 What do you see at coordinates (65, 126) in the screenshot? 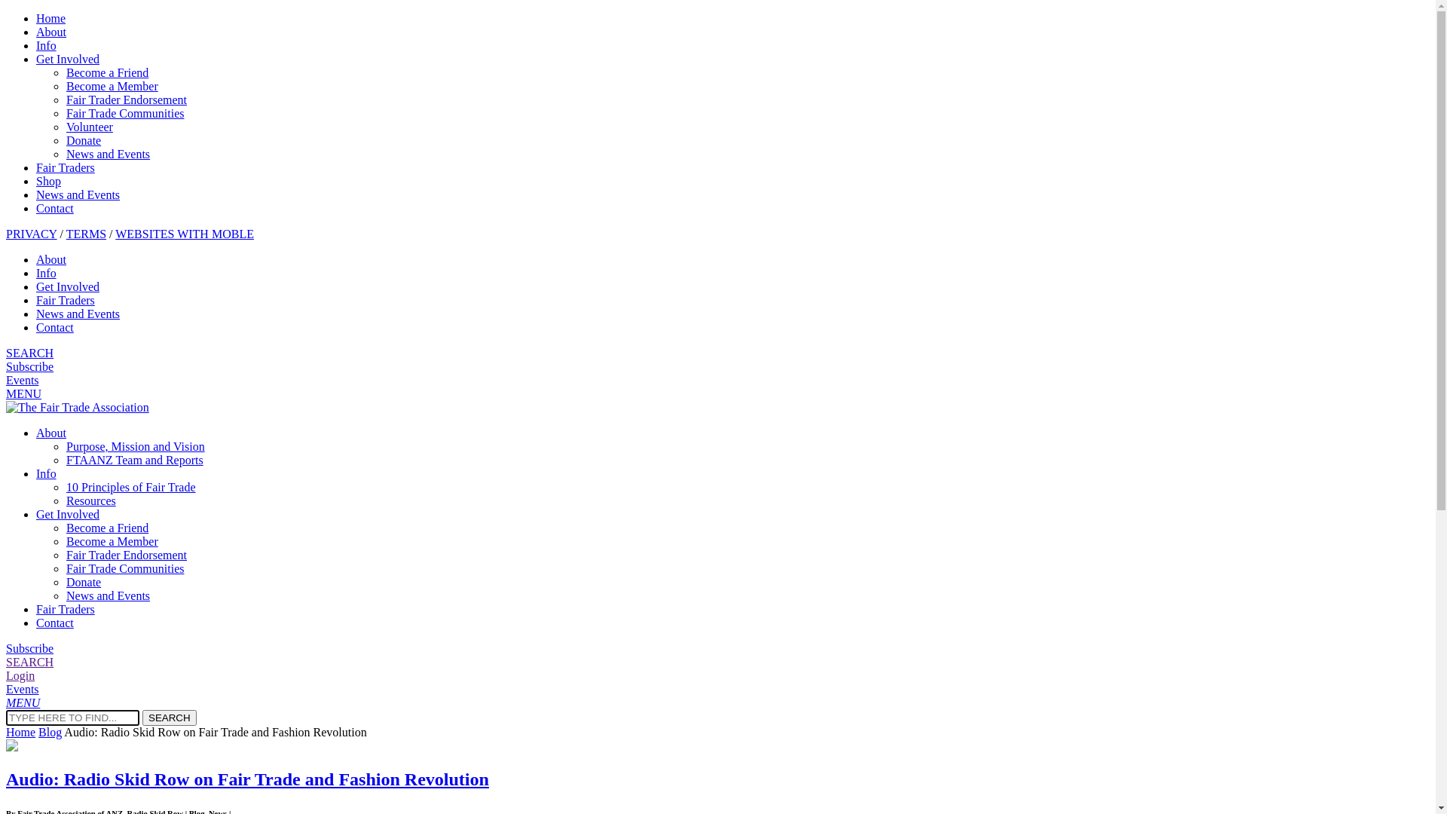
I see `'Volunteer'` at bounding box center [65, 126].